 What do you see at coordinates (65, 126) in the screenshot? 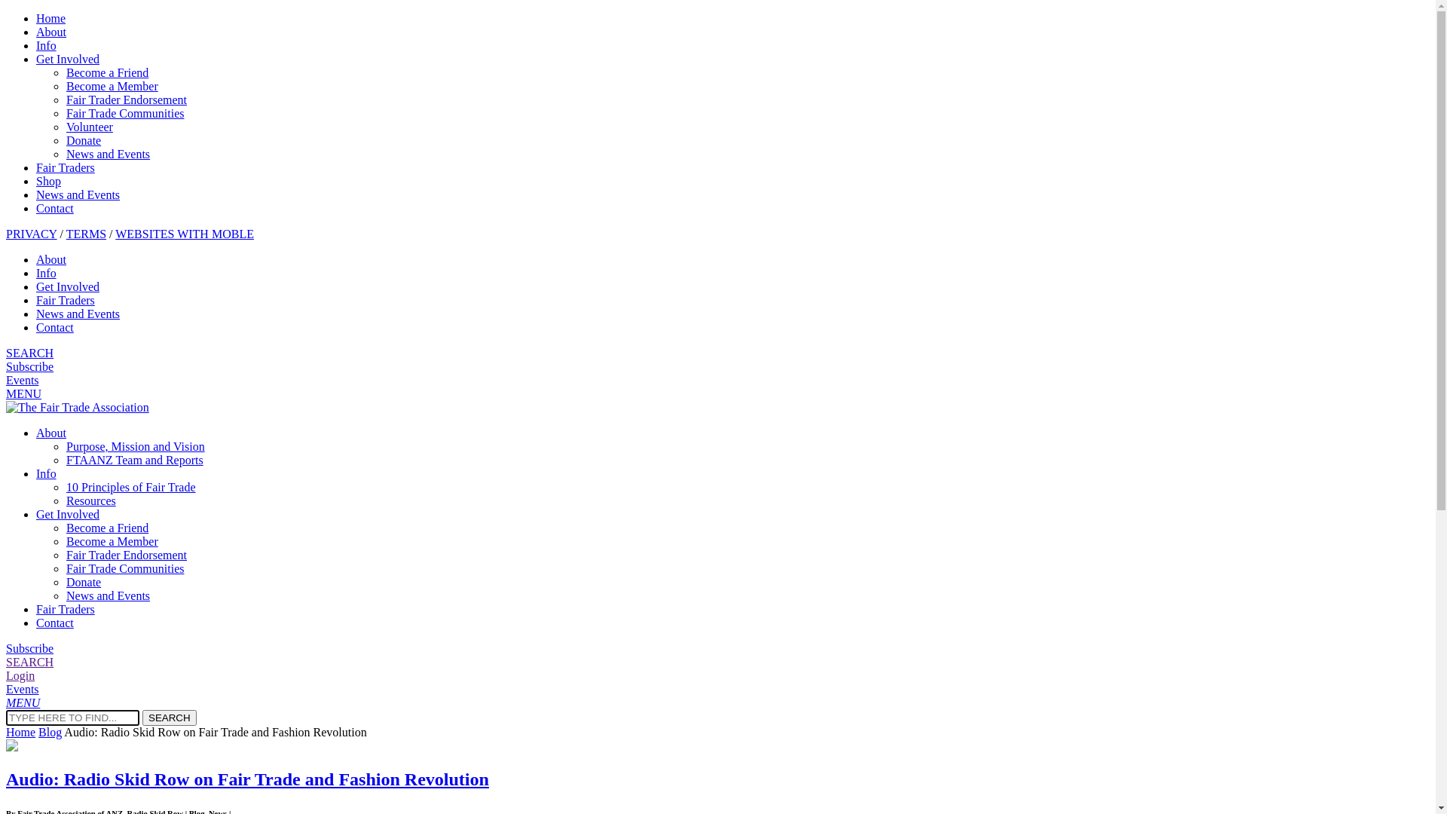
I see `'Volunteer'` at bounding box center [65, 126].